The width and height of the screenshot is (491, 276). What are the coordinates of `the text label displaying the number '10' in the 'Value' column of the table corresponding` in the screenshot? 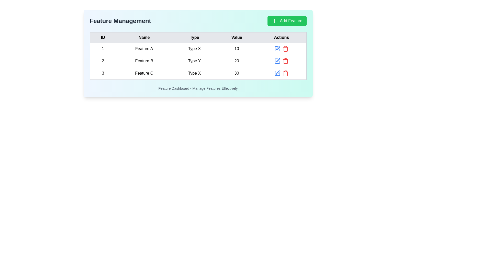 It's located at (236, 49).